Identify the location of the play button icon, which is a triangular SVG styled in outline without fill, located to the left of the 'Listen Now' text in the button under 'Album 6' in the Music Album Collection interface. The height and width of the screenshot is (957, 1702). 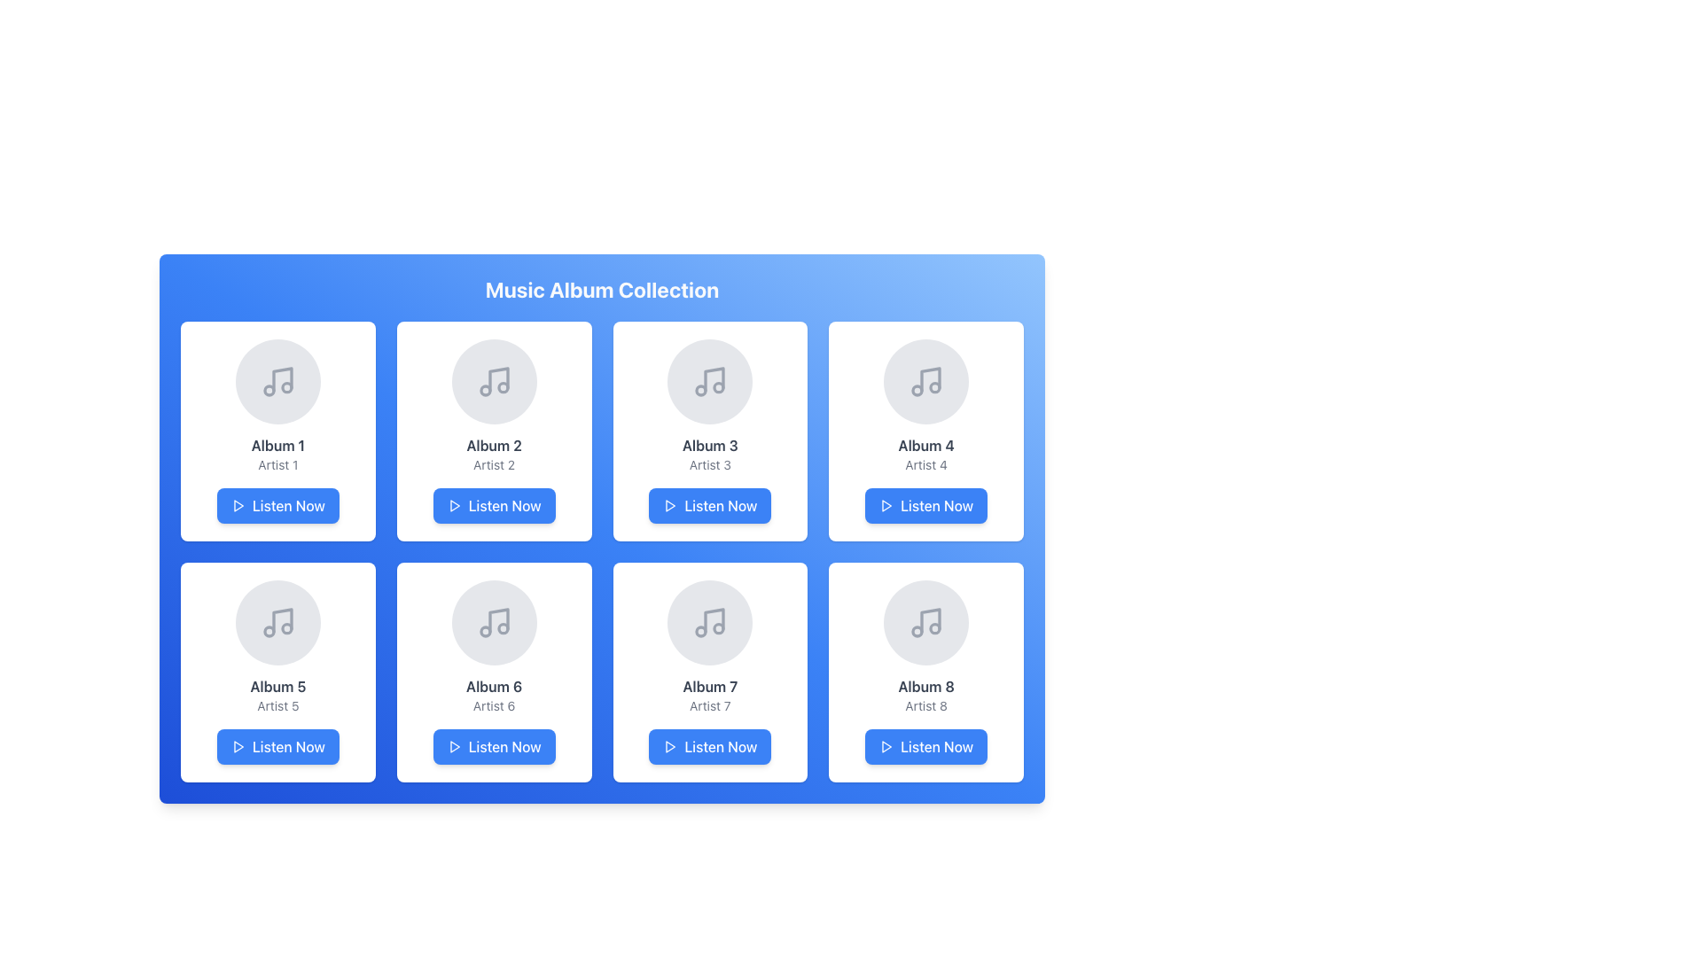
(454, 747).